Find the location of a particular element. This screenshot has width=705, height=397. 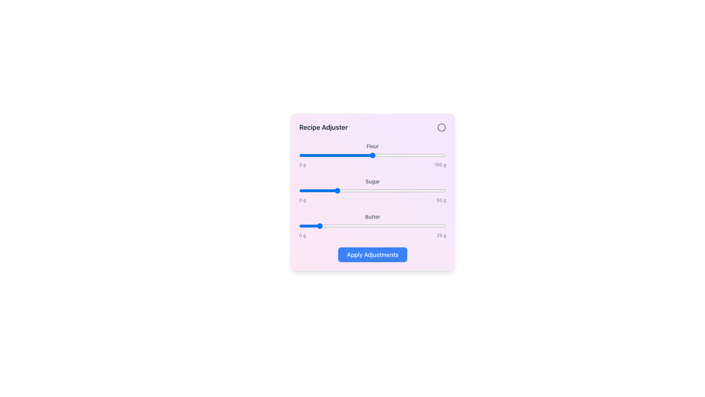

Butter amount is located at coordinates (362, 225).